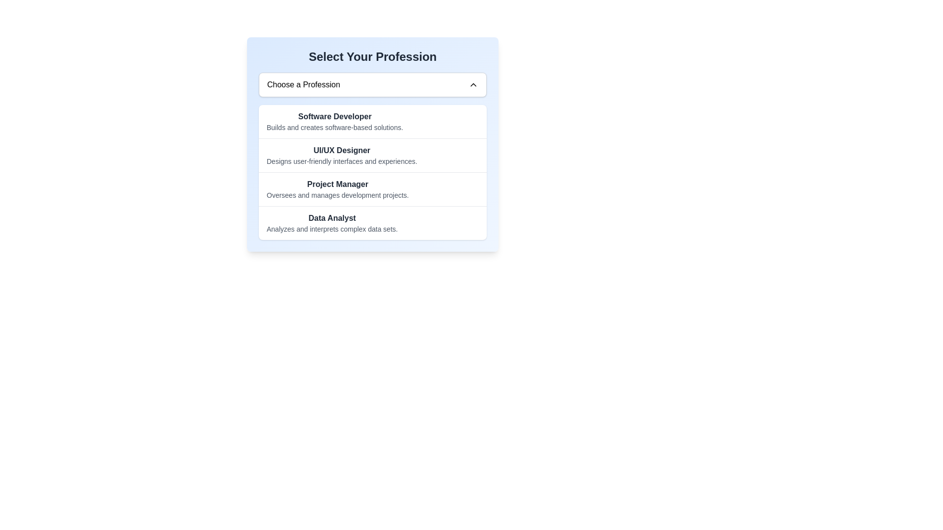 The height and width of the screenshot is (530, 943). Describe the element at coordinates (342, 151) in the screenshot. I see `text of the selectable job title 'UI/UX Designer' which is represented by the text label positioned at the top of the list of career options` at that location.